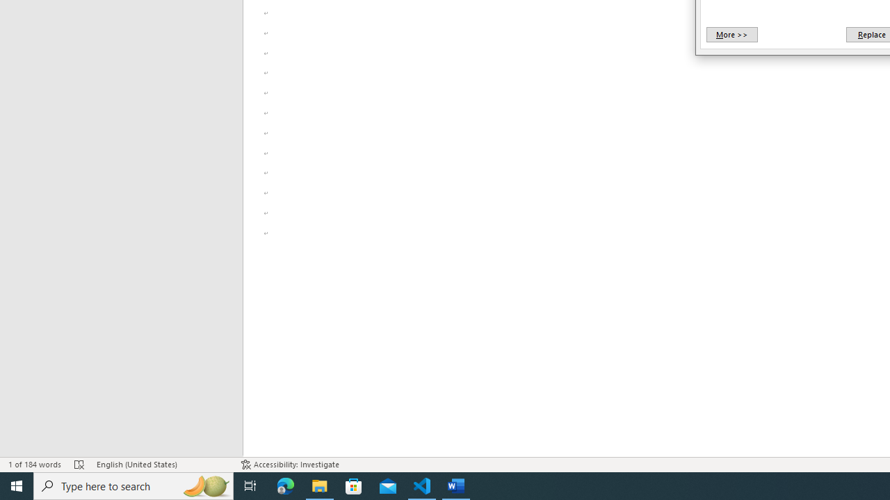 The height and width of the screenshot is (500, 890). I want to click on 'Accessibility Checker Accessibility: Investigate', so click(289, 465).